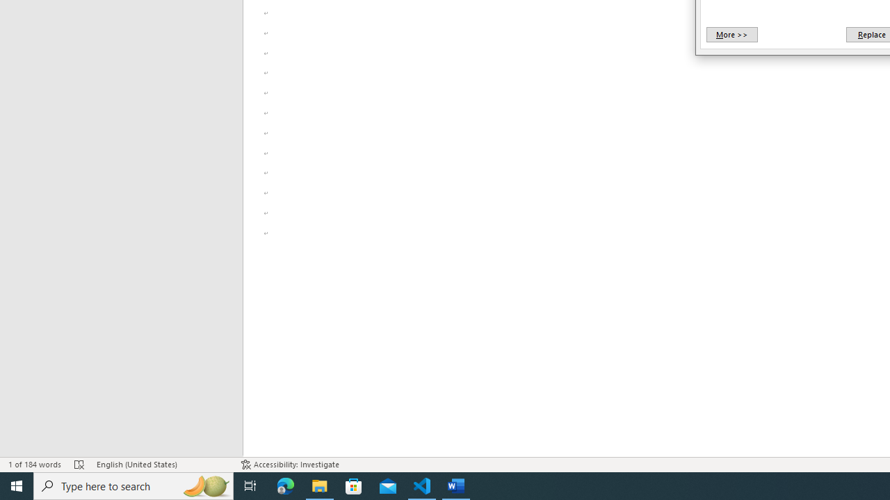 The height and width of the screenshot is (500, 890). I want to click on 'Accessibility Checker Accessibility: Investigate', so click(289, 465).